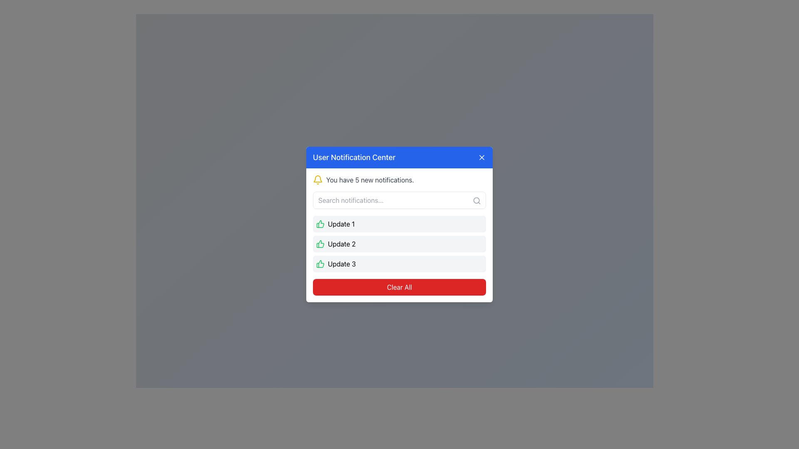 The width and height of the screenshot is (799, 449). What do you see at coordinates (341, 224) in the screenshot?
I see `the text label displaying 'Update 1', which is styled in black and located in a light gray notification list` at bounding box center [341, 224].